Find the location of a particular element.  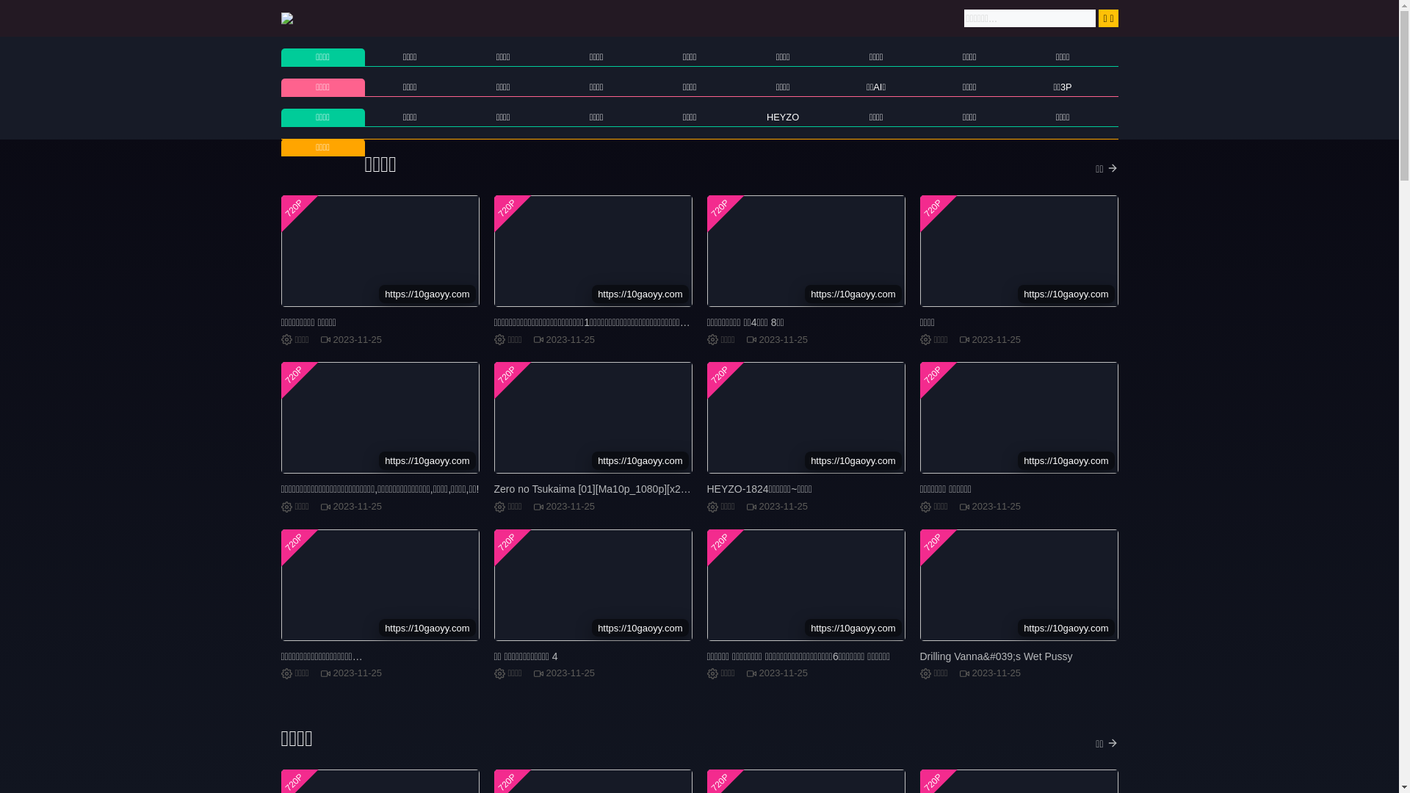

'Zero no Tsukaima [01][Ma10p_1080p][x265_flac]' is located at coordinates (604, 489).